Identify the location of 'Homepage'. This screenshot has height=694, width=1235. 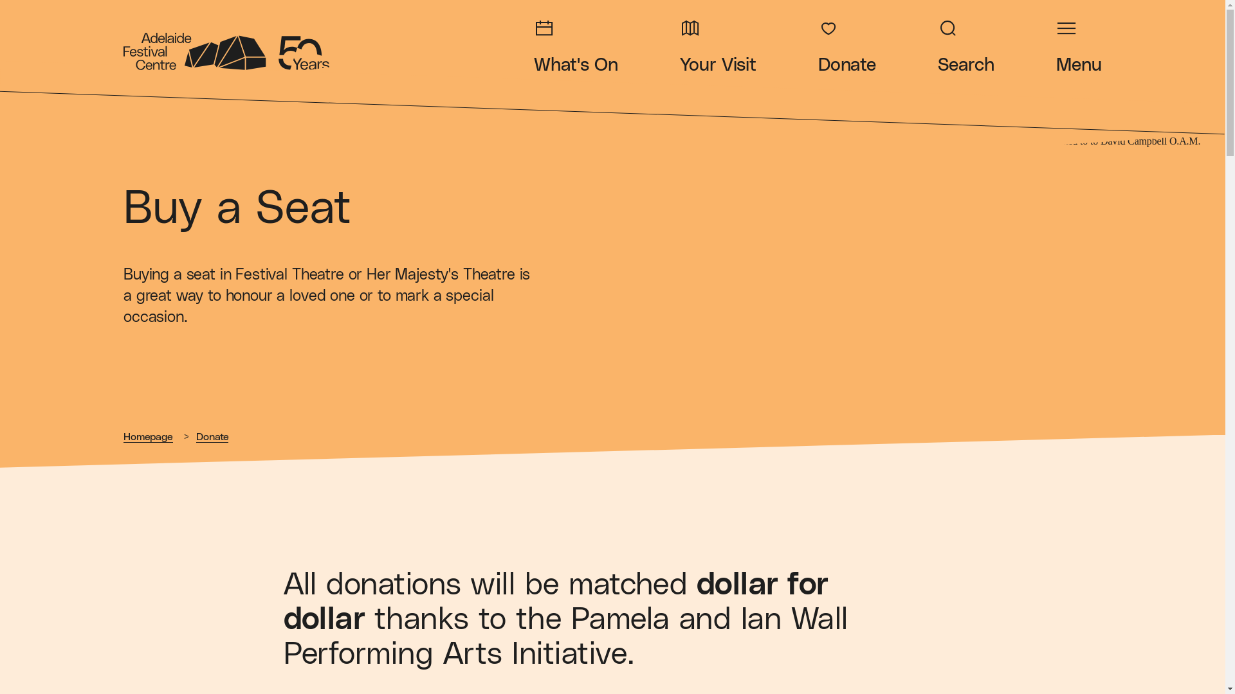
(148, 436).